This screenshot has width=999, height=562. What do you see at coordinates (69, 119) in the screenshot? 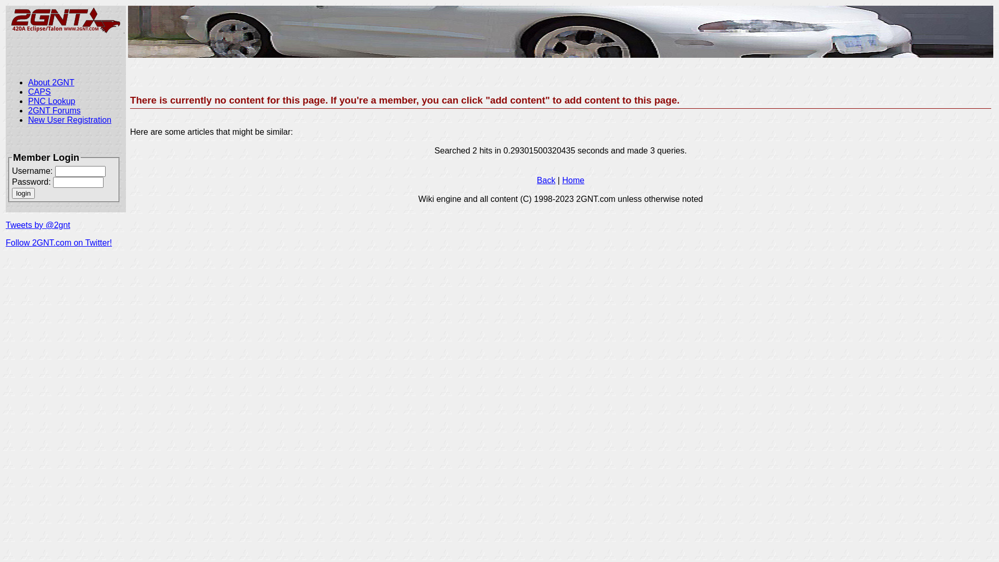
I see `'New User Registration'` at bounding box center [69, 119].